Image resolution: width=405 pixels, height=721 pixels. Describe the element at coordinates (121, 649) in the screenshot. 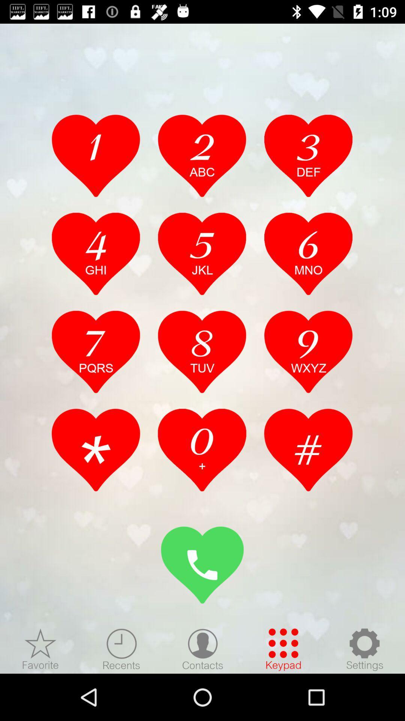

I see `recent calls` at that location.